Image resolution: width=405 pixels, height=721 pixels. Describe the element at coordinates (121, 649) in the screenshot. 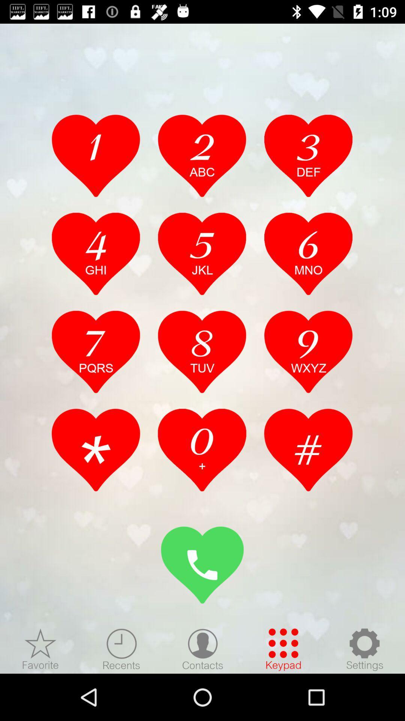

I see `recent calls` at that location.